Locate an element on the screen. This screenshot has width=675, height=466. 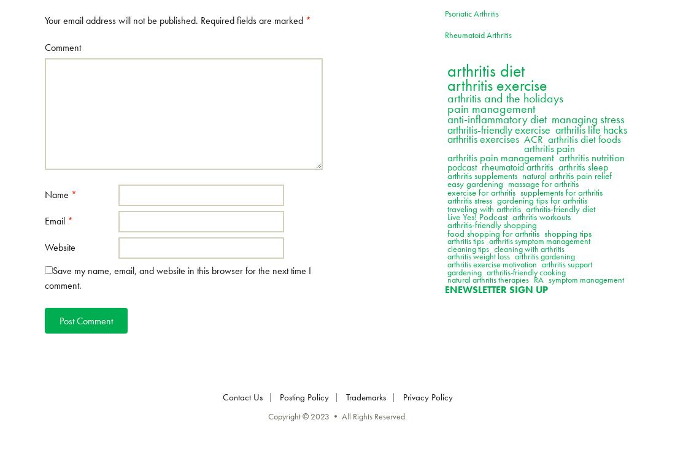
'Copyright © 2023 • All Rights Reserved.' is located at coordinates (337, 416).